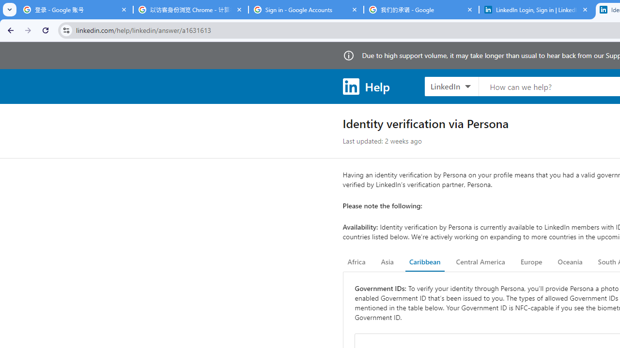 Image resolution: width=620 pixels, height=348 pixels. I want to click on 'Africa', so click(356, 262).